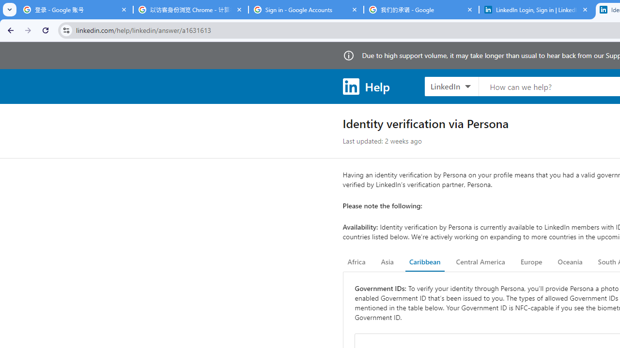 Image resolution: width=620 pixels, height=348 pixels. I want to click on 'Africa', so click(356, 262).